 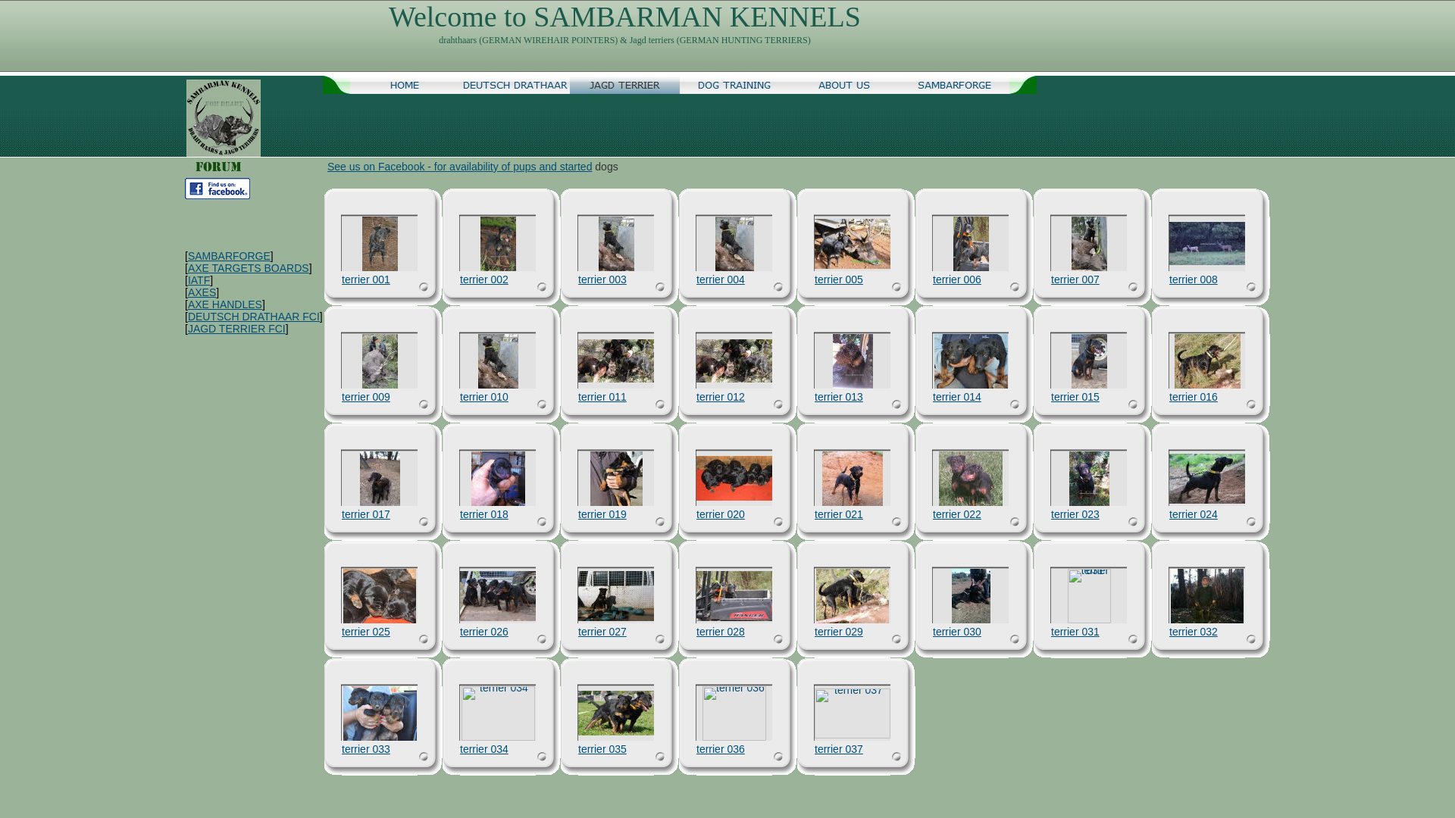 What do you see at coordinates (719, 631) in the screenshot?
I see `'terrier 028'` at bounding box center [719, 631].